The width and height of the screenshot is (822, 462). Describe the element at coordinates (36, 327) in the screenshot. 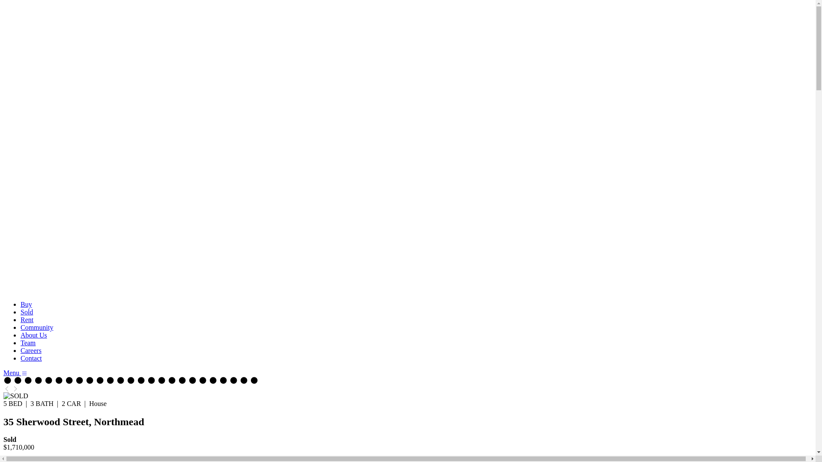

I see `'Community'` at that location.